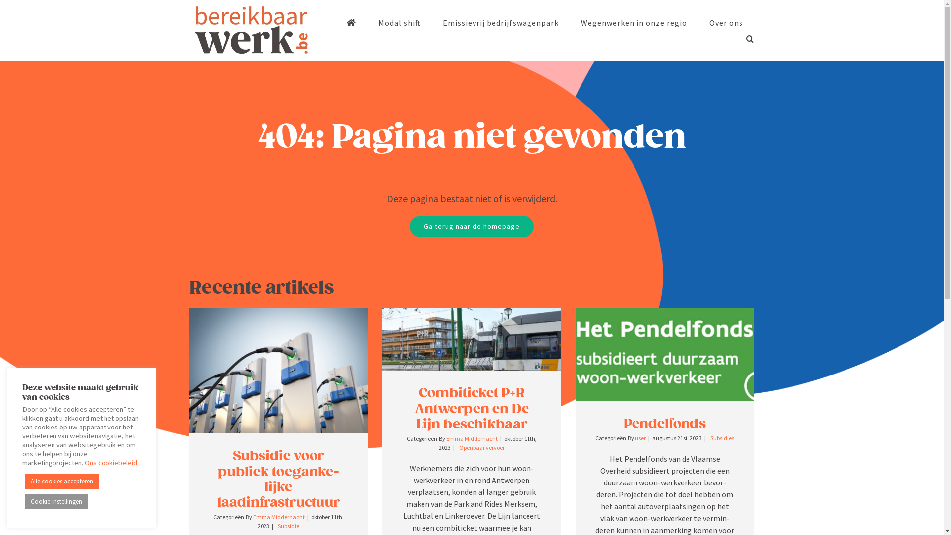  What do you see at coordinates (56, 501) in the screenshot?
I see `'Cookie-instellingen'` at bounding box center [56, 501].